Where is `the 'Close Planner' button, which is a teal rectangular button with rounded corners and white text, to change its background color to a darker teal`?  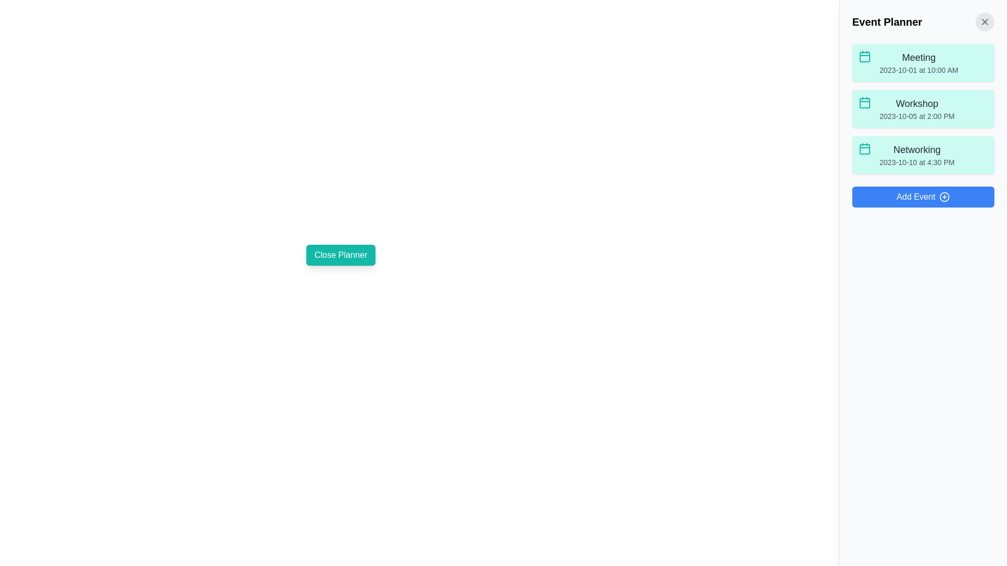 the 'Close Planner' button, which is a teal rectangular button with rounded corners and white text, to change its background color to a darker teal is located at coordinates (340, 255).